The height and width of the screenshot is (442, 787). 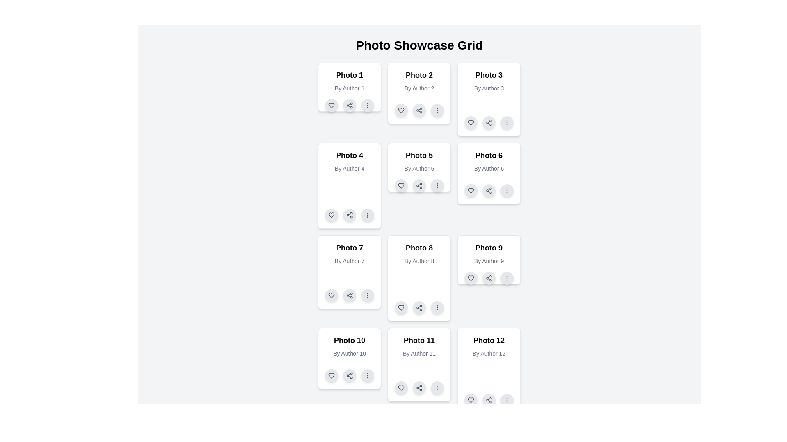 I want to click on the share button icon located in the third position from the left in the topmost row of the 'Photo 3' card, so click(x=489, y=123).